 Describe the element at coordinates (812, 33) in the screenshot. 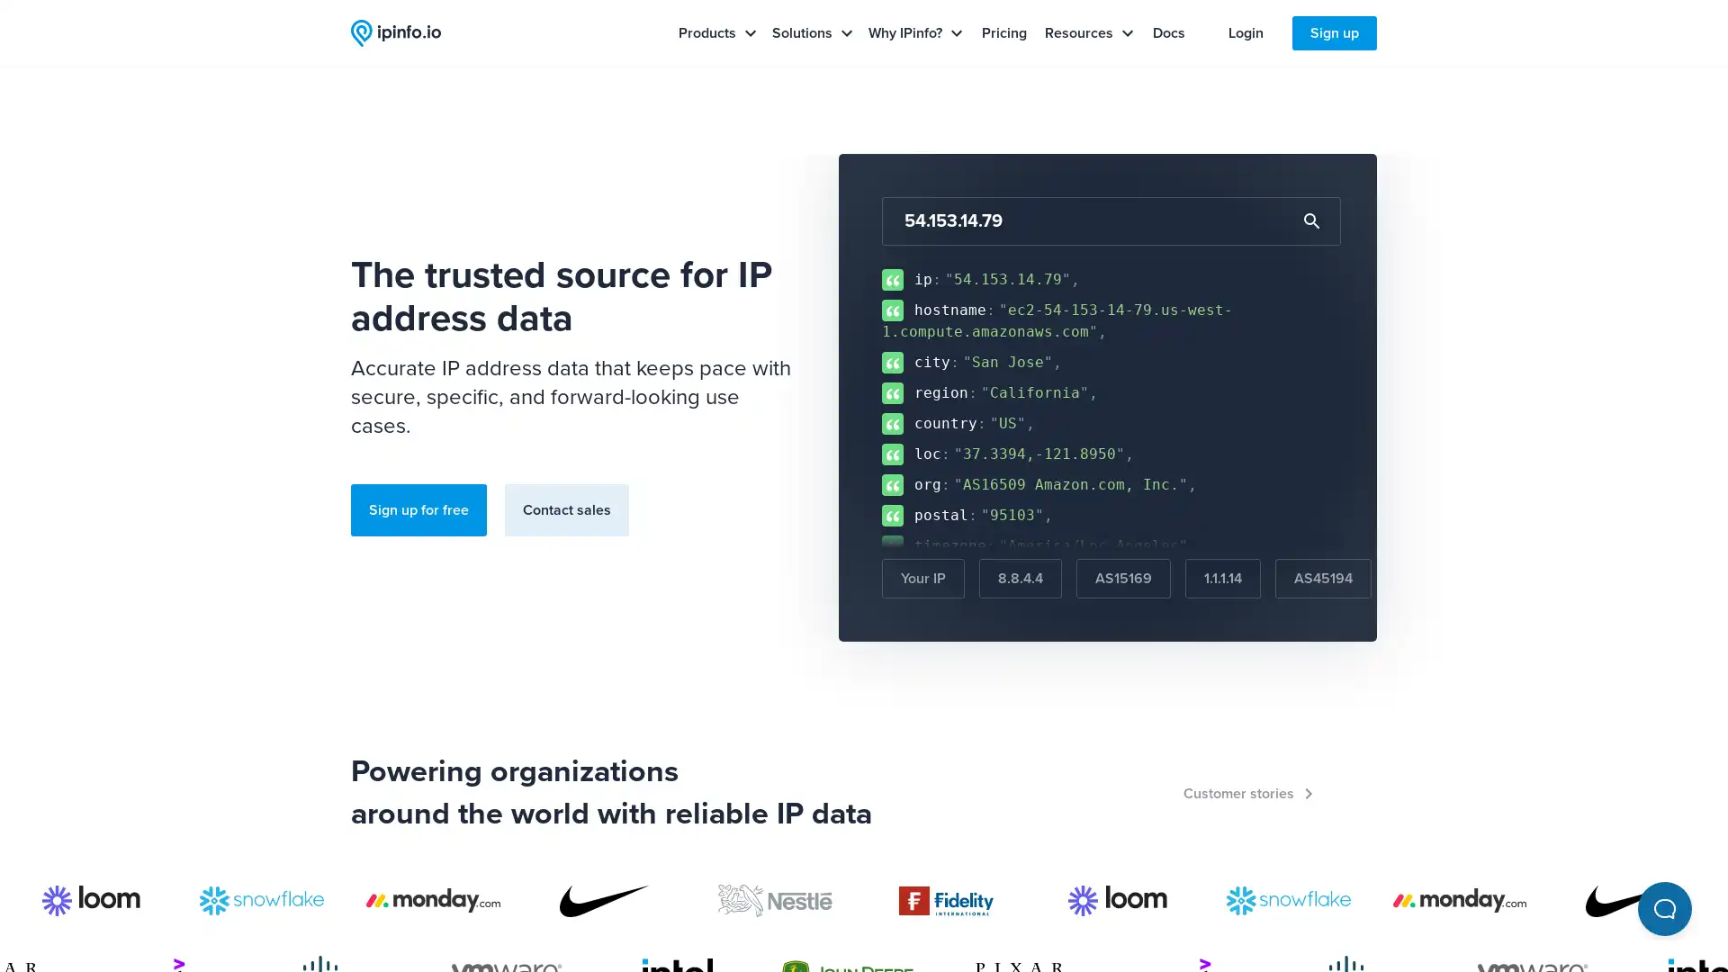

I see `Solutions` at that location.